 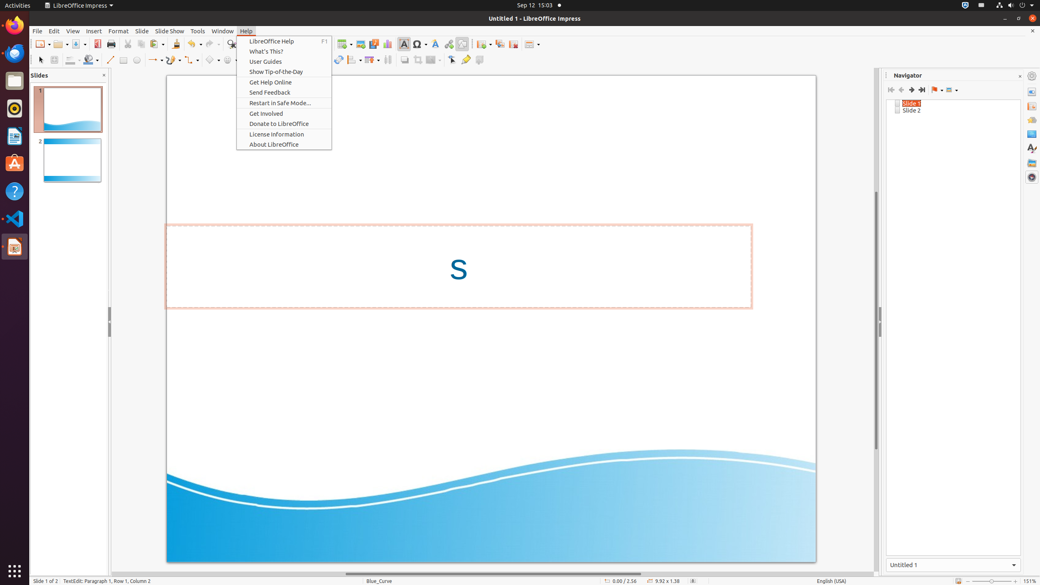 I want to click on 'Vertical scroll bar', so click(x=876, y=319).